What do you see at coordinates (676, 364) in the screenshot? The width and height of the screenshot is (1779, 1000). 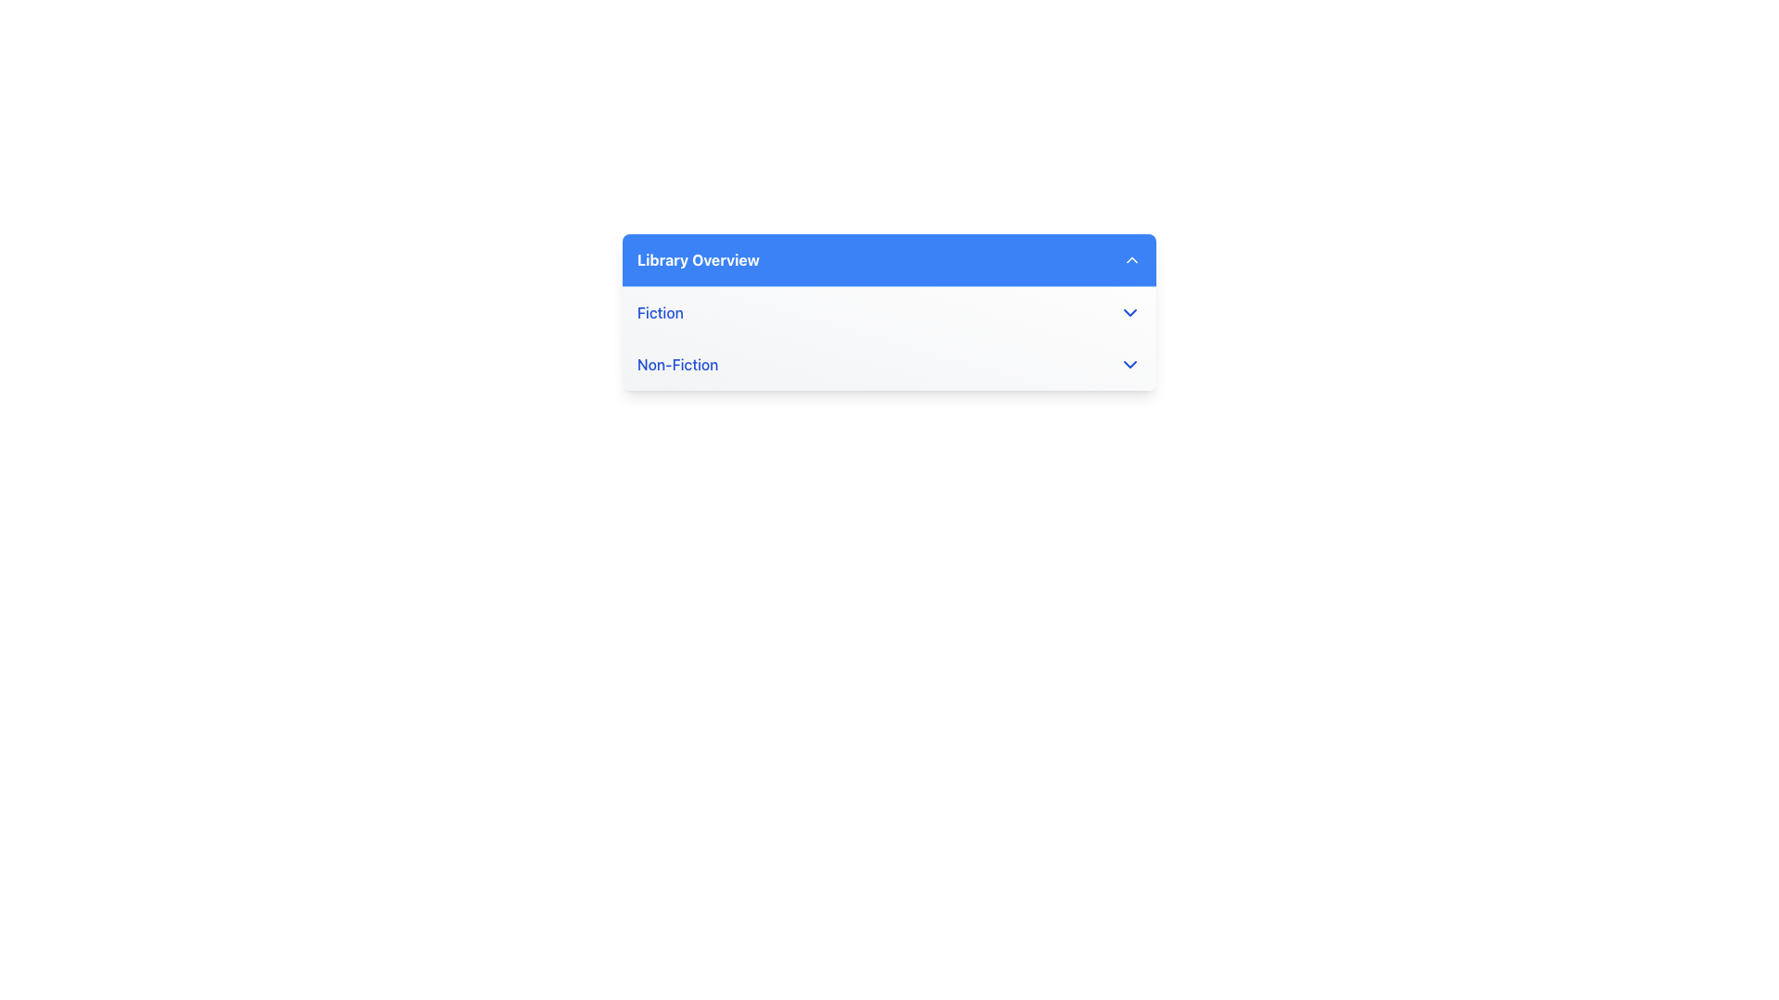 I see `text content of the 'Non-Fiction' text label, which is the main text in the second row of the dropdown list` at bounding box center [676, 364].